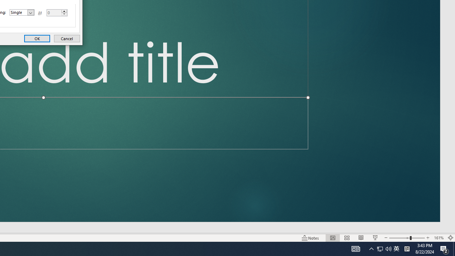 The image size is (455, 256). I want to click on 'Notification Chevron', so click(371, 248).